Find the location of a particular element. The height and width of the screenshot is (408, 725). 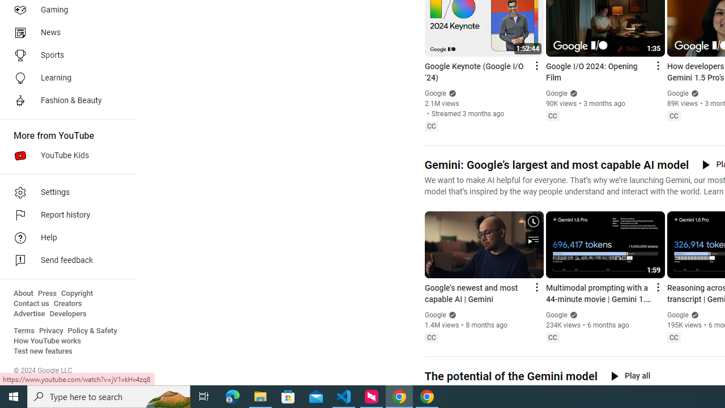

'Developers' is located at coordinates (67, 314).